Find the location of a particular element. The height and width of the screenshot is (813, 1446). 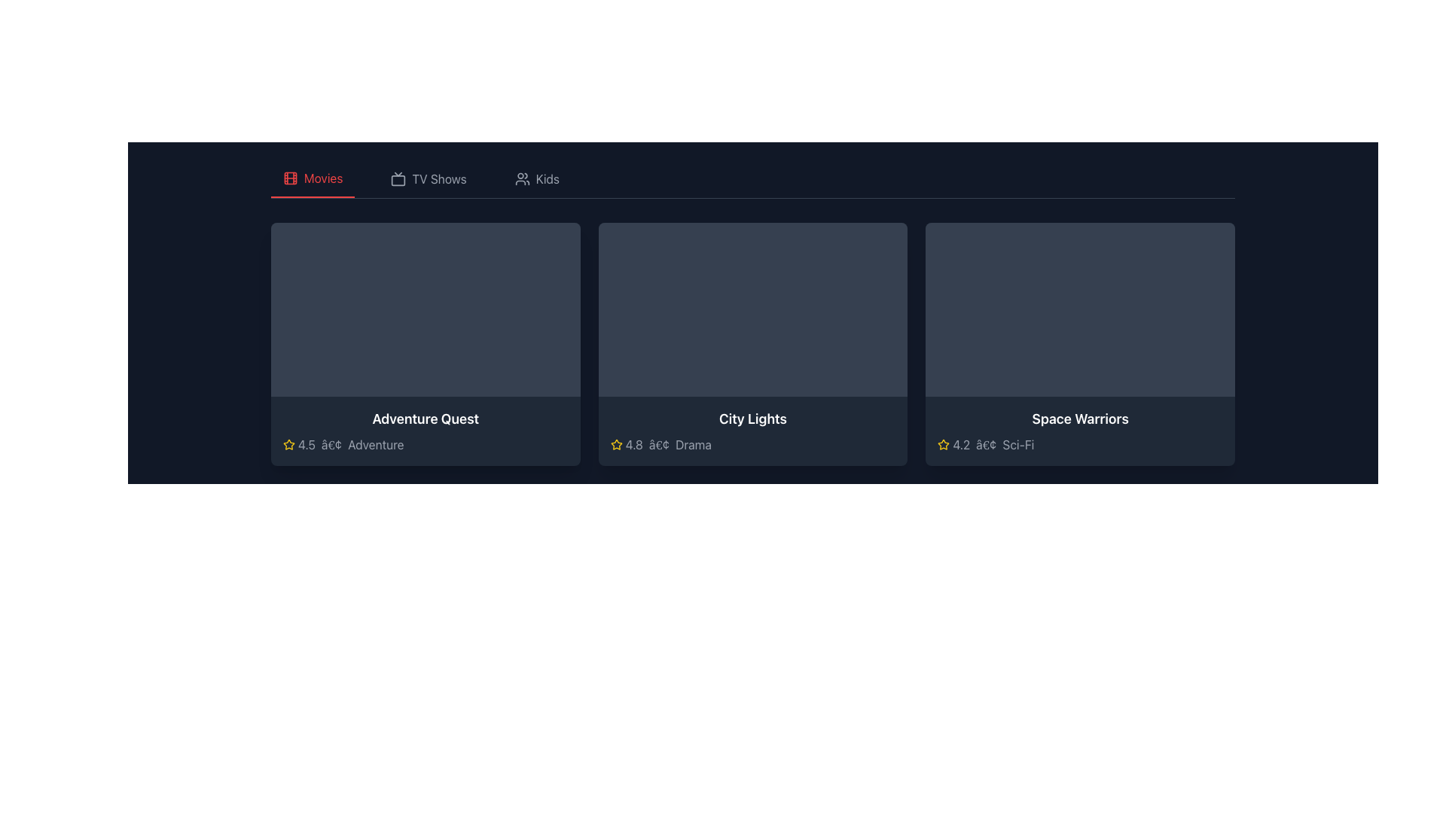

the rating icon located at the bottom-left area of the first card labeled 'Adventure Quest' is located at coordinates (289, 443).